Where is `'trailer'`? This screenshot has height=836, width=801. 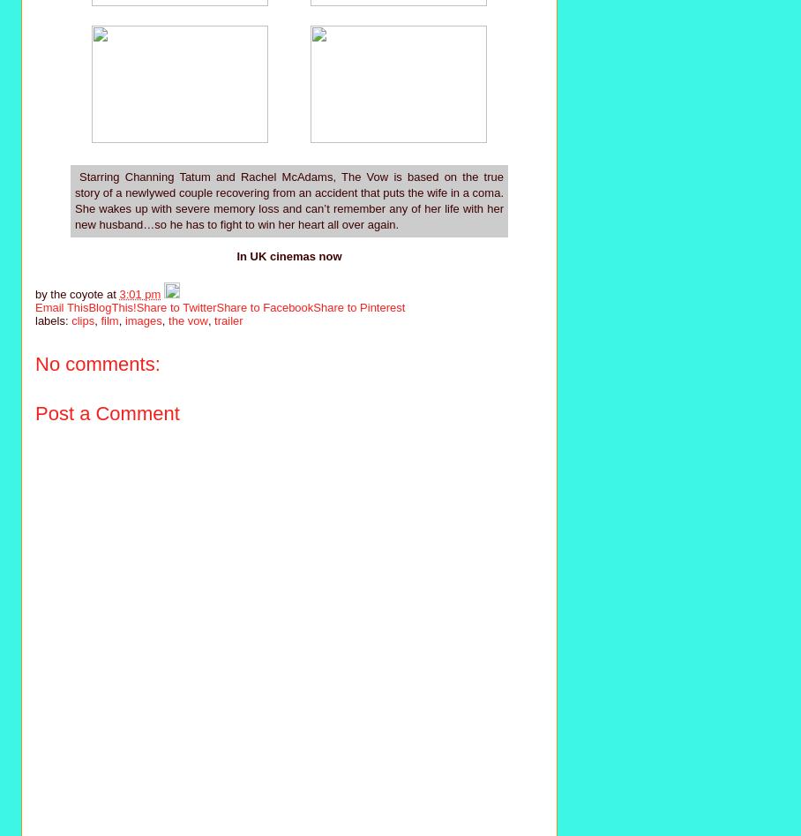 'trailer' is located at coordinates (227, 320).